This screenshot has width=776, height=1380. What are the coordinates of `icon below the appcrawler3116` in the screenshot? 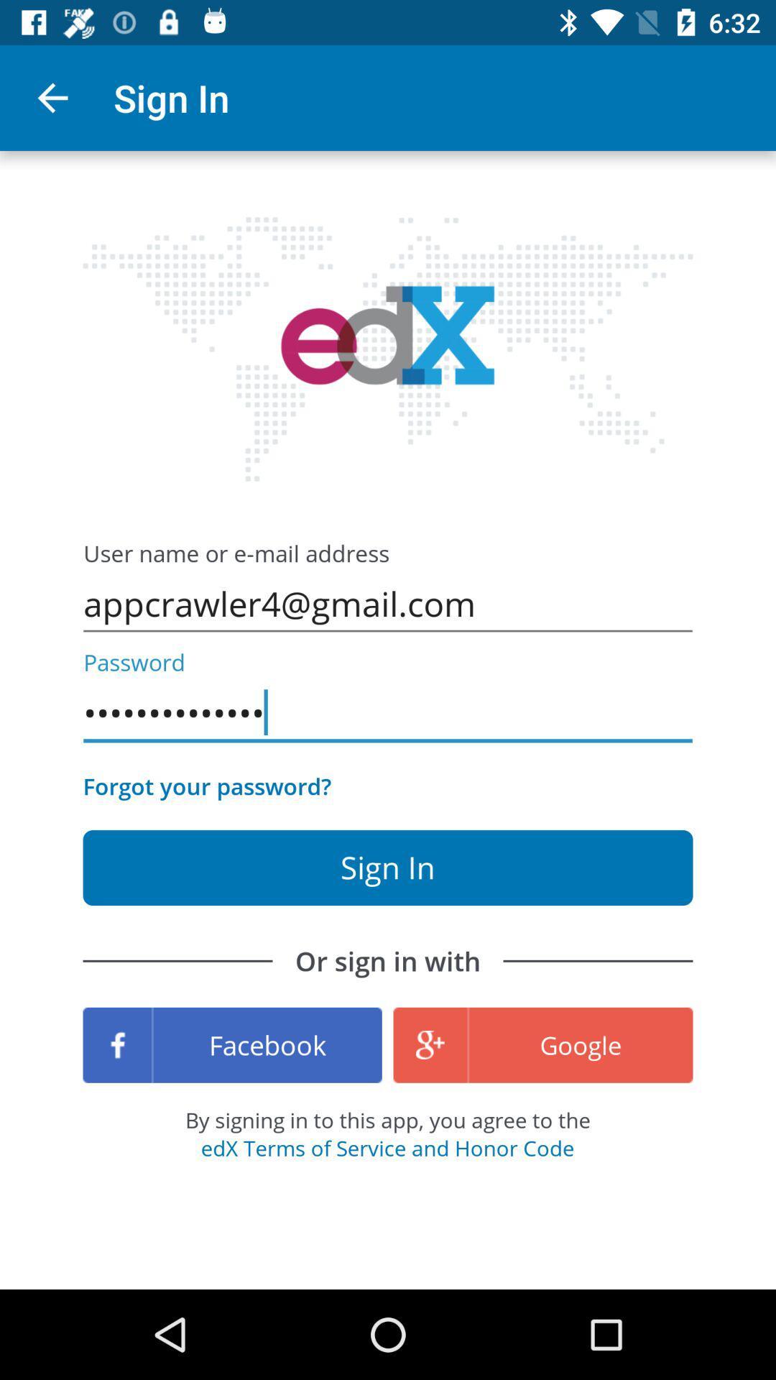 It's located at (207, 785).